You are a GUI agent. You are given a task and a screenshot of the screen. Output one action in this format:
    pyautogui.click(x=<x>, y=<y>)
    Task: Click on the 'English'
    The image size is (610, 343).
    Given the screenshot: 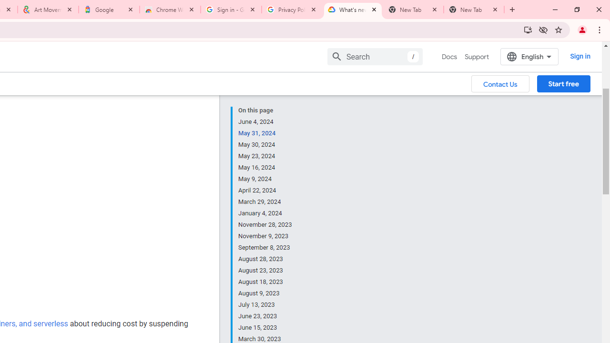 What is the action you would take?
    pyautogui.click(x=529, y=56)
    